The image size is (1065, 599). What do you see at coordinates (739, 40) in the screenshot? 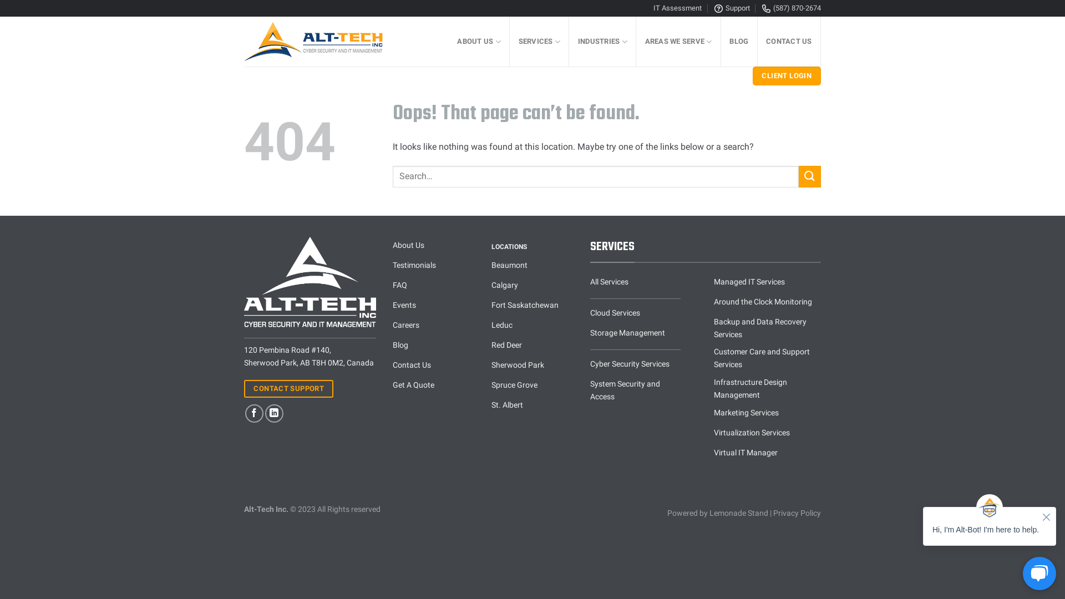
I see `'BLOG'` at bounding box center [739, 40].